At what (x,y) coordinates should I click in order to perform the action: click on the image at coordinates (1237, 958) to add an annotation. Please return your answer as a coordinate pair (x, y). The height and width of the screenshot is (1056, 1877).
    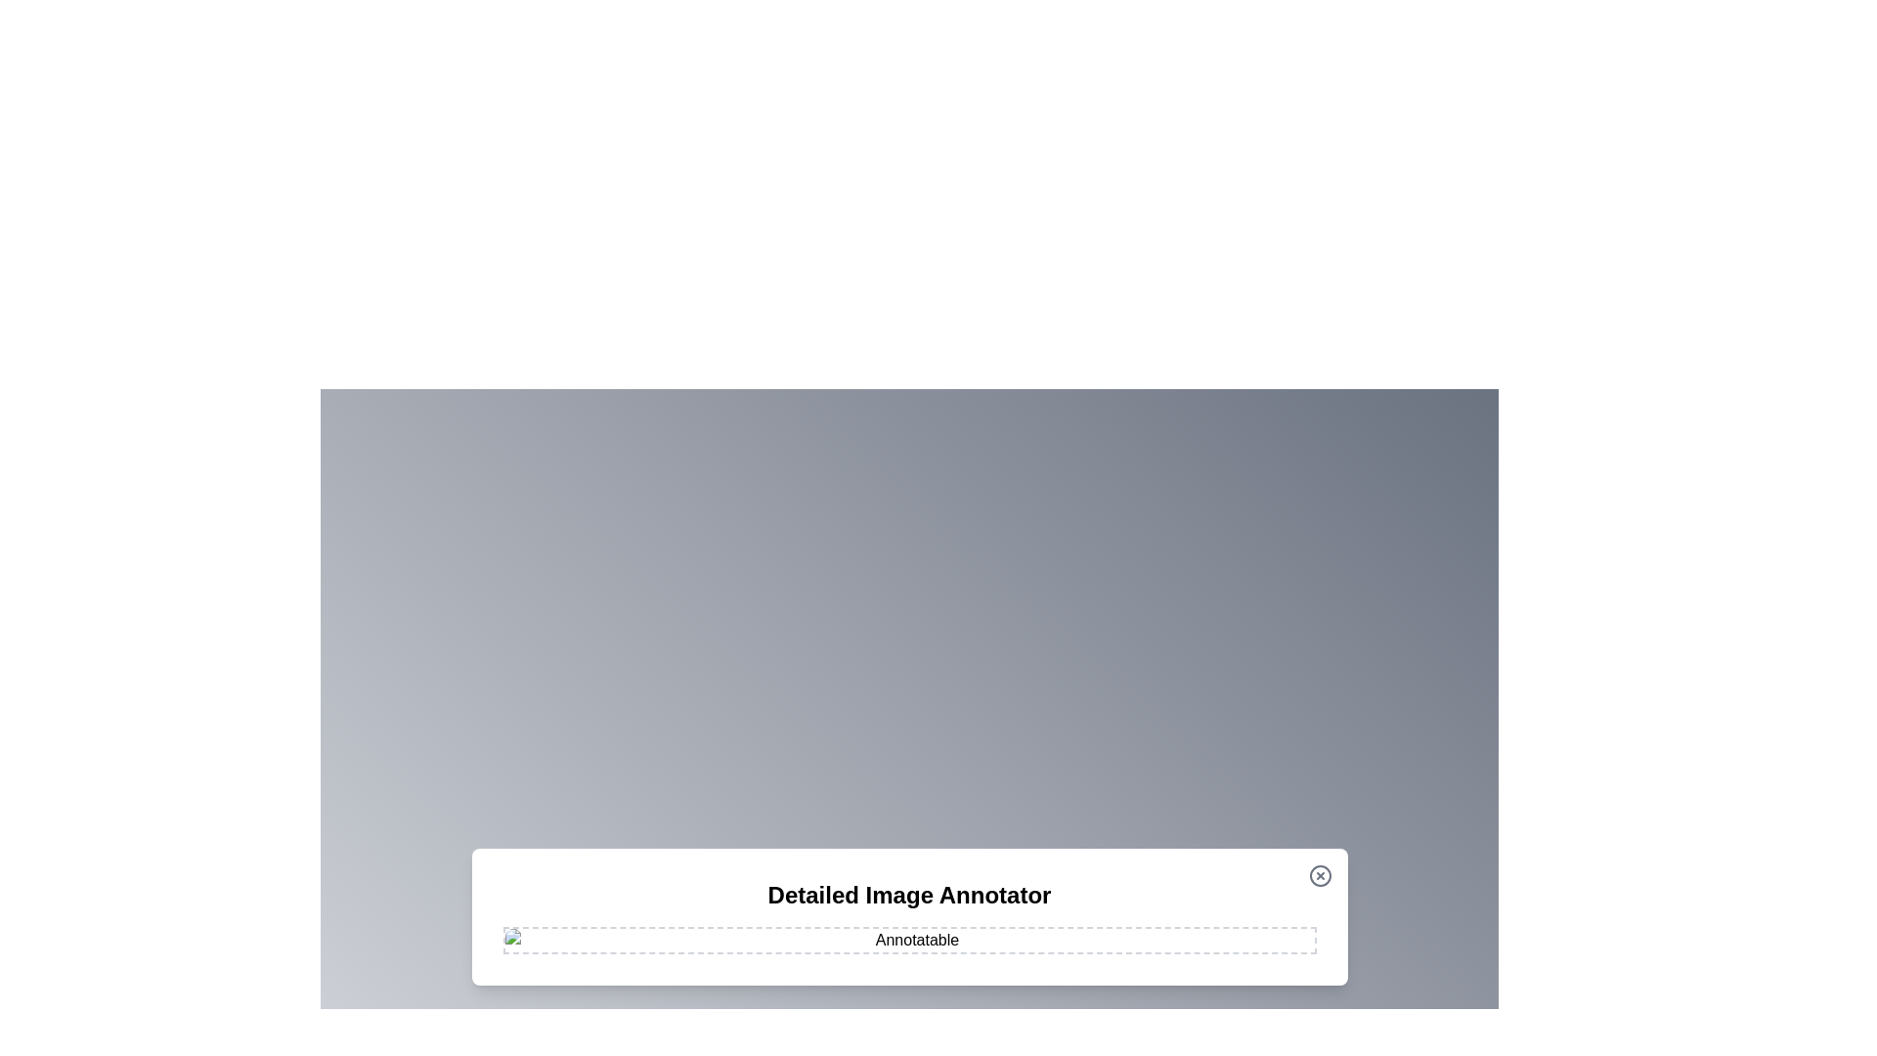
    Looking at the image, I should click on (1208, 935).